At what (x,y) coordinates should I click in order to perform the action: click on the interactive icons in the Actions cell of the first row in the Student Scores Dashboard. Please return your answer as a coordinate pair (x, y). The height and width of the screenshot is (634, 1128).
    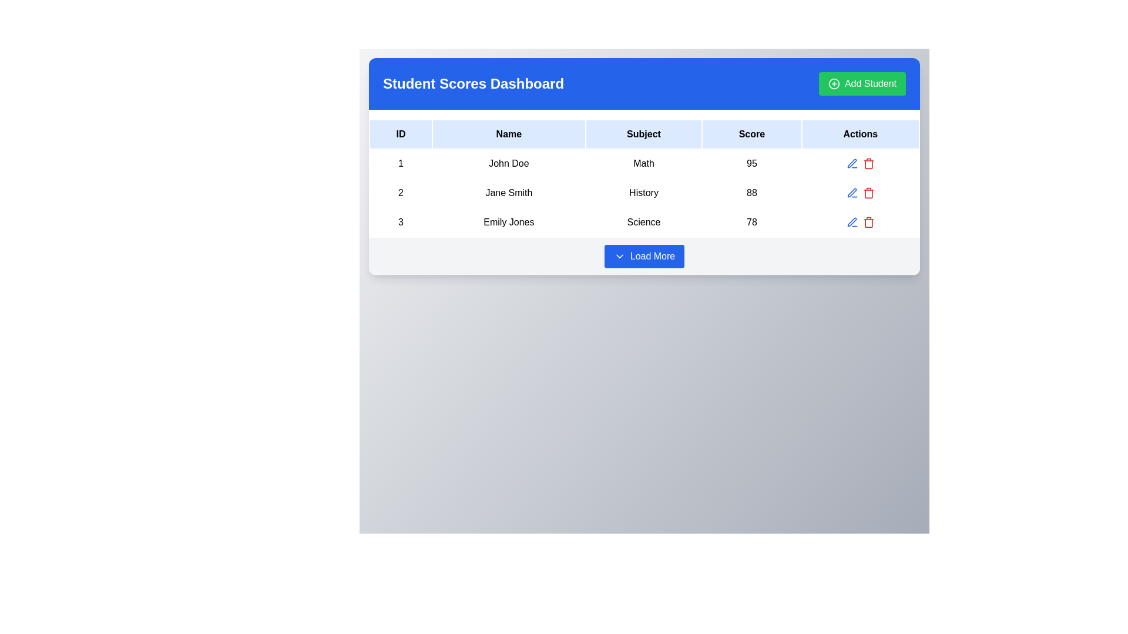
    Looking at the image, I should click on (860, 163).